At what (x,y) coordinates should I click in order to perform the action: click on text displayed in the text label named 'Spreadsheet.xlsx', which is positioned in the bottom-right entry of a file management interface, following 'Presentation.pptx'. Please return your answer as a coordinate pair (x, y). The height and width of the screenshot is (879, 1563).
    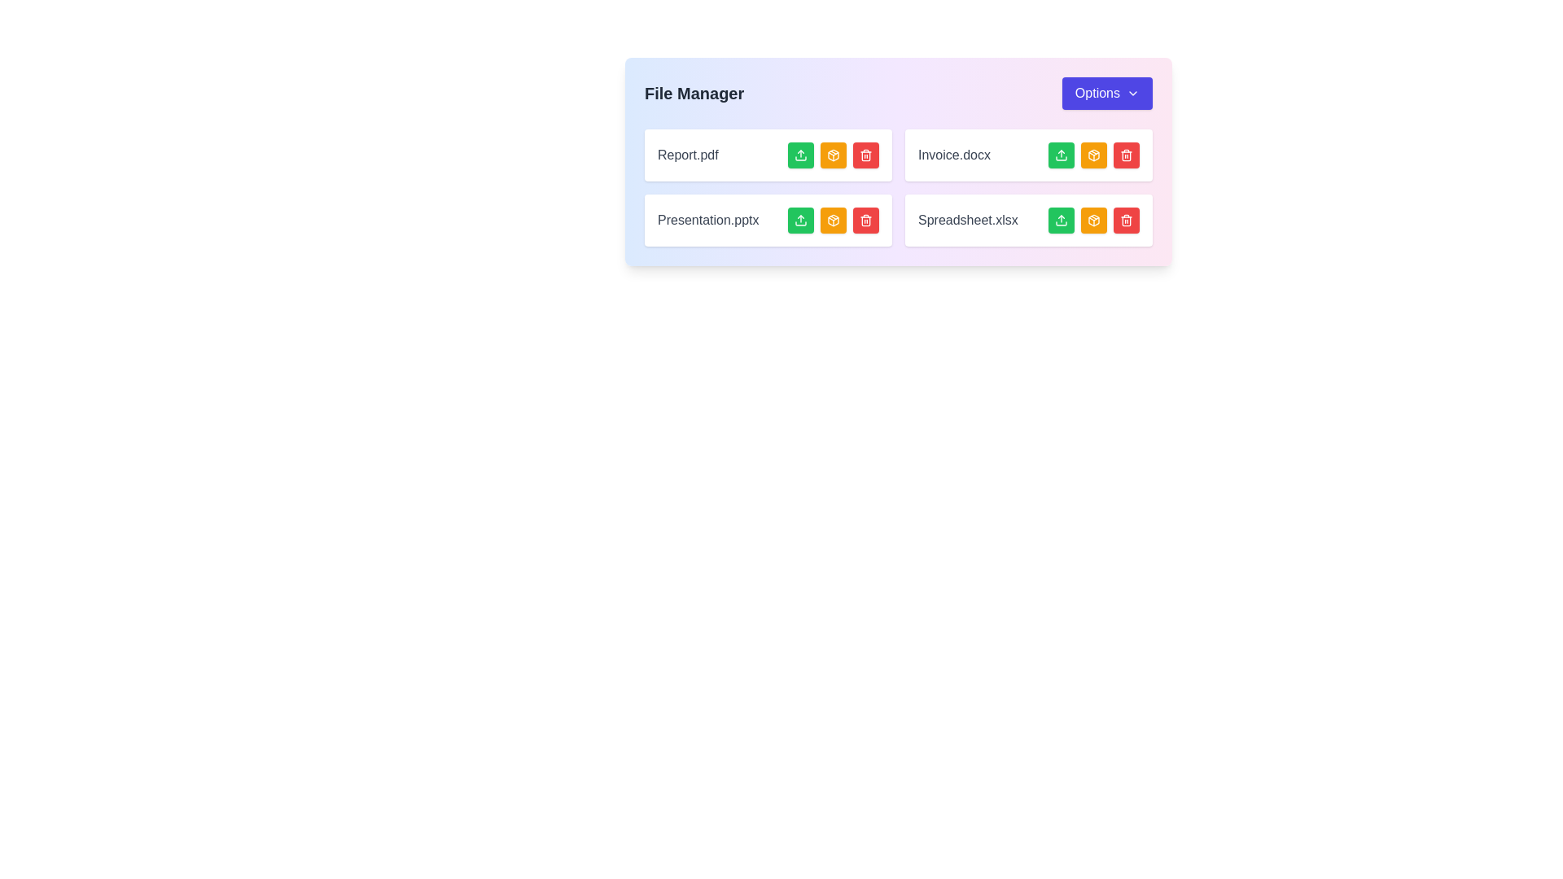
    Looking at the image, I should click on (968, 220).